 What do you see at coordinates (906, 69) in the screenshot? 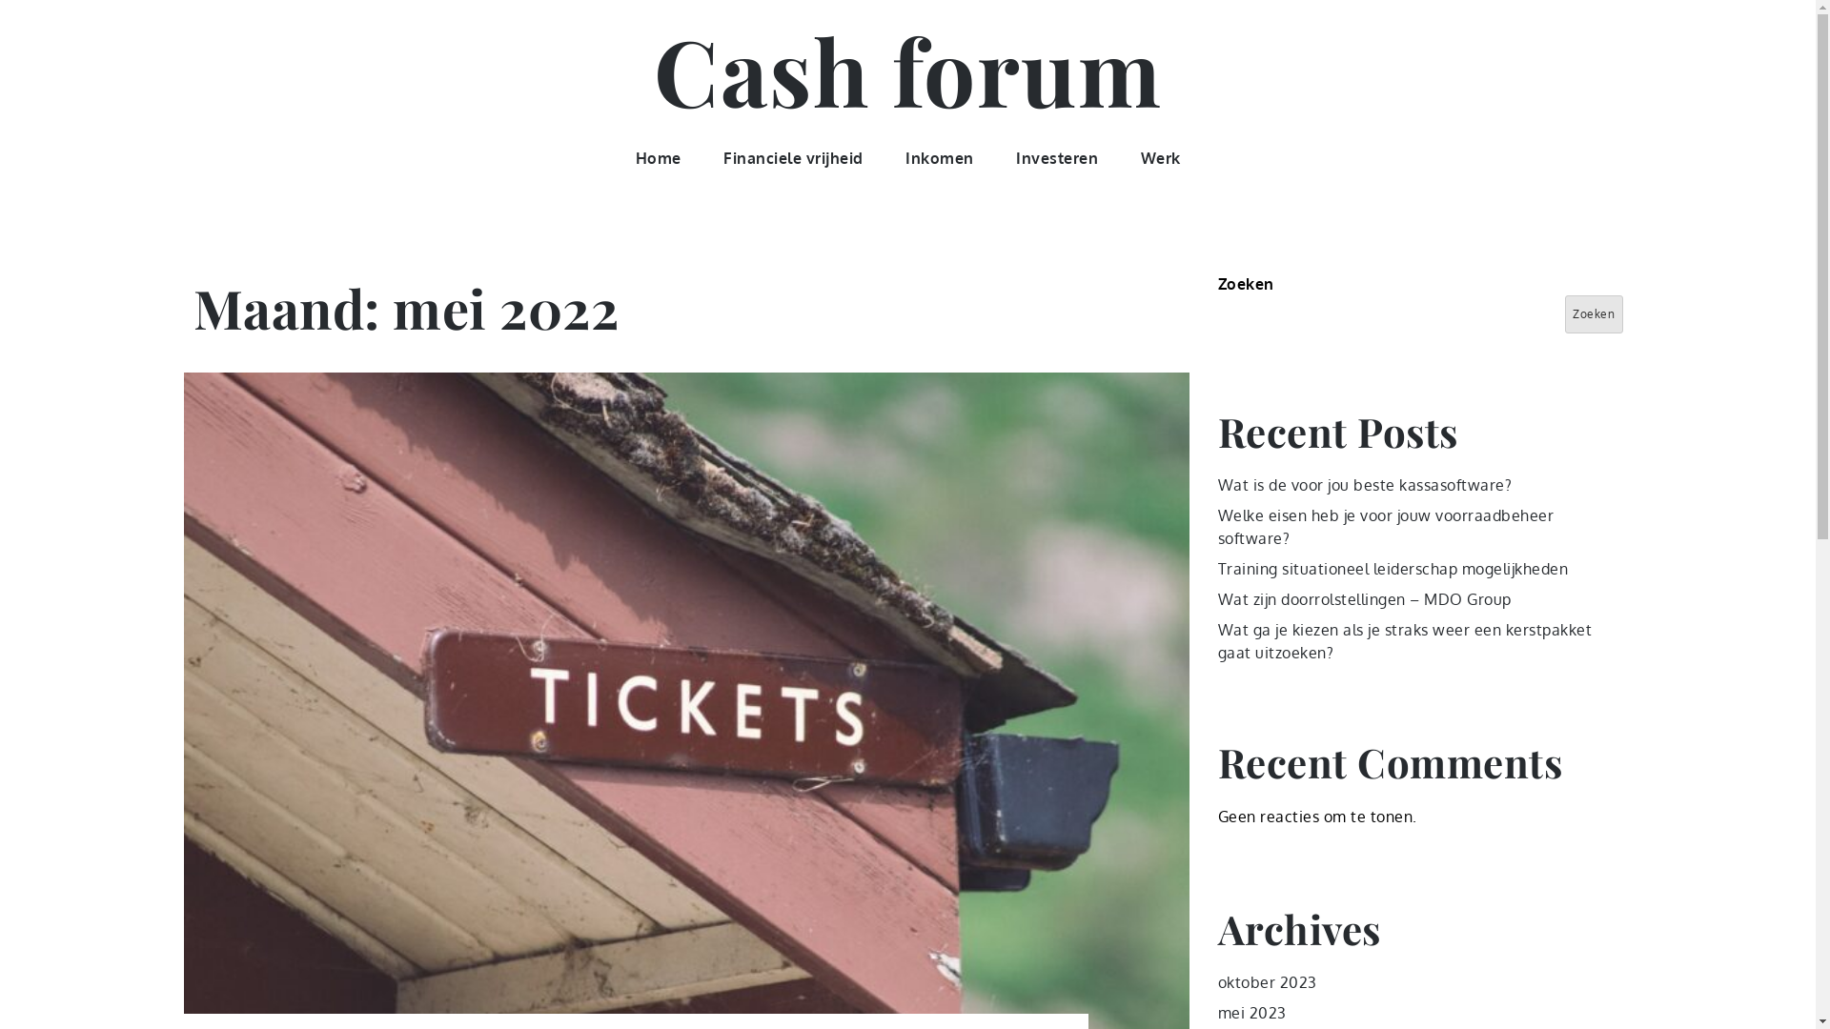
I see `'Cash forum'` at bounding box center [906, 69].